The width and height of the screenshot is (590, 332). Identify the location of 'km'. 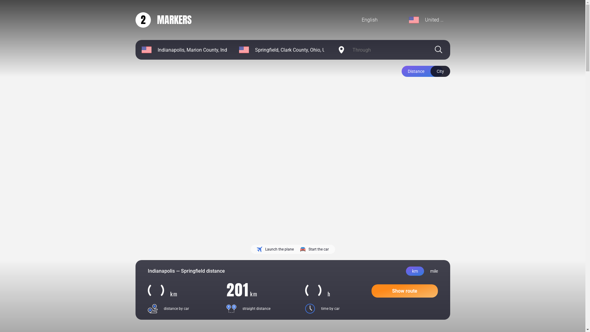
(415, 271).